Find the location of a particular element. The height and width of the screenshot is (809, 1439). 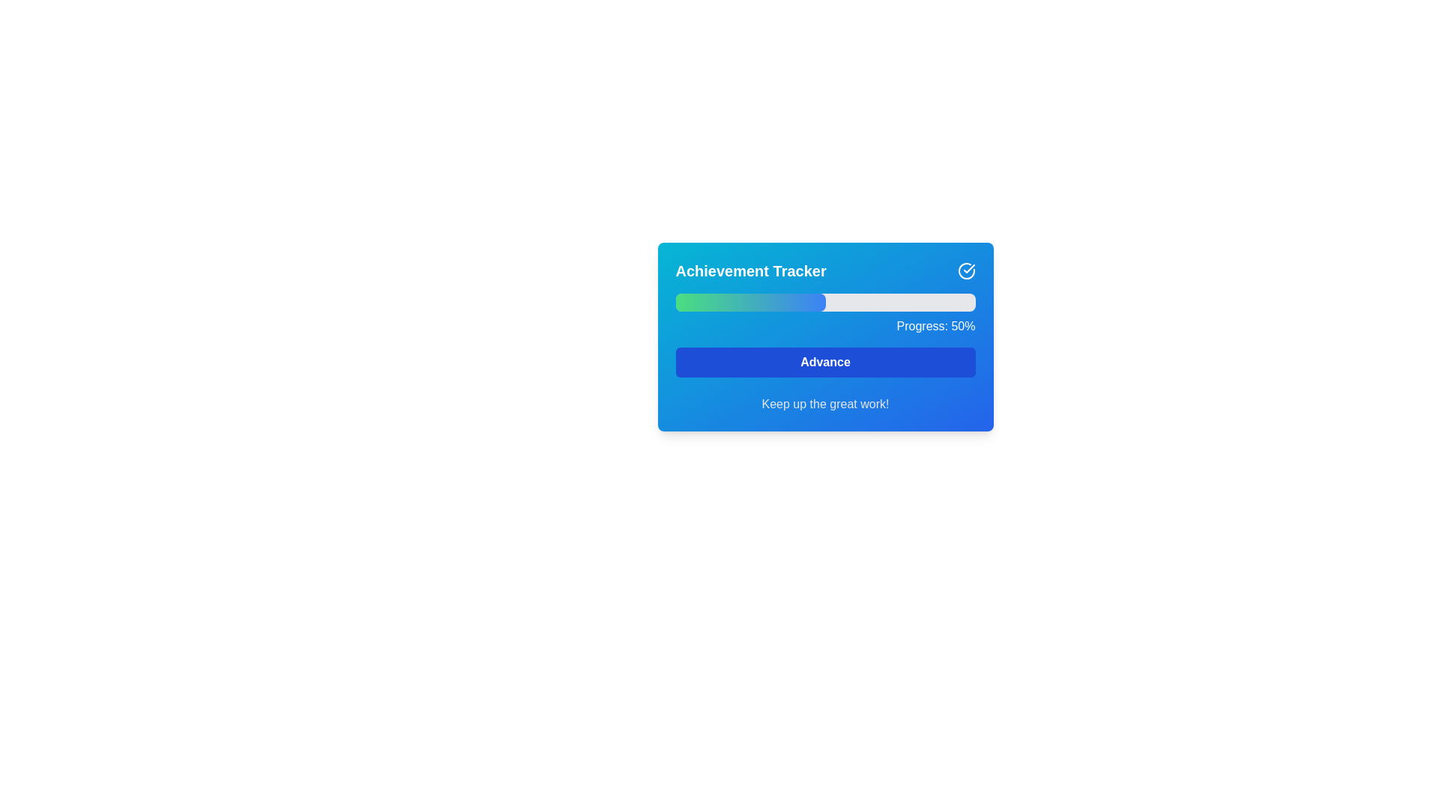

circular checkmark icon located in the top-right corner of the 'Achievement Tracker' card is located at coordinates (966, 271).